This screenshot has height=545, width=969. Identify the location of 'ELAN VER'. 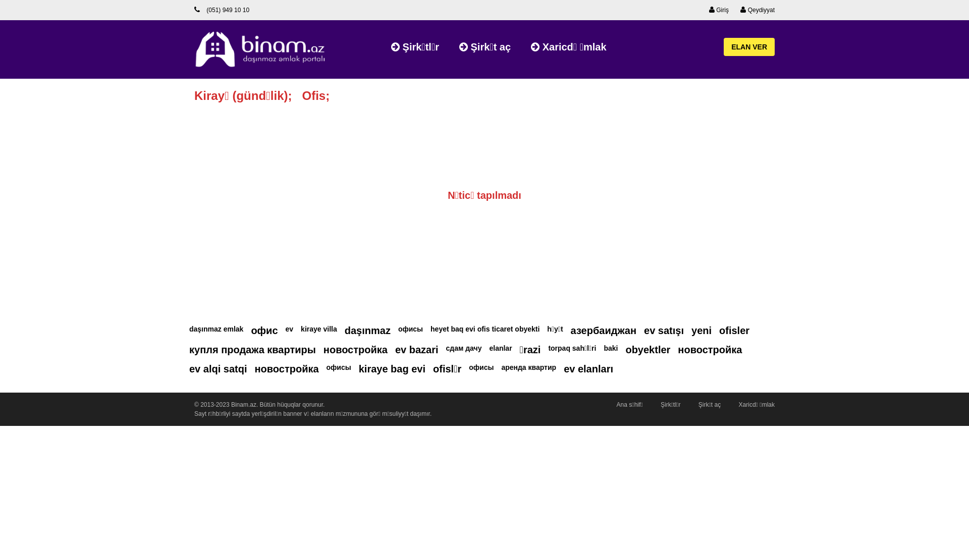
(749, 46).